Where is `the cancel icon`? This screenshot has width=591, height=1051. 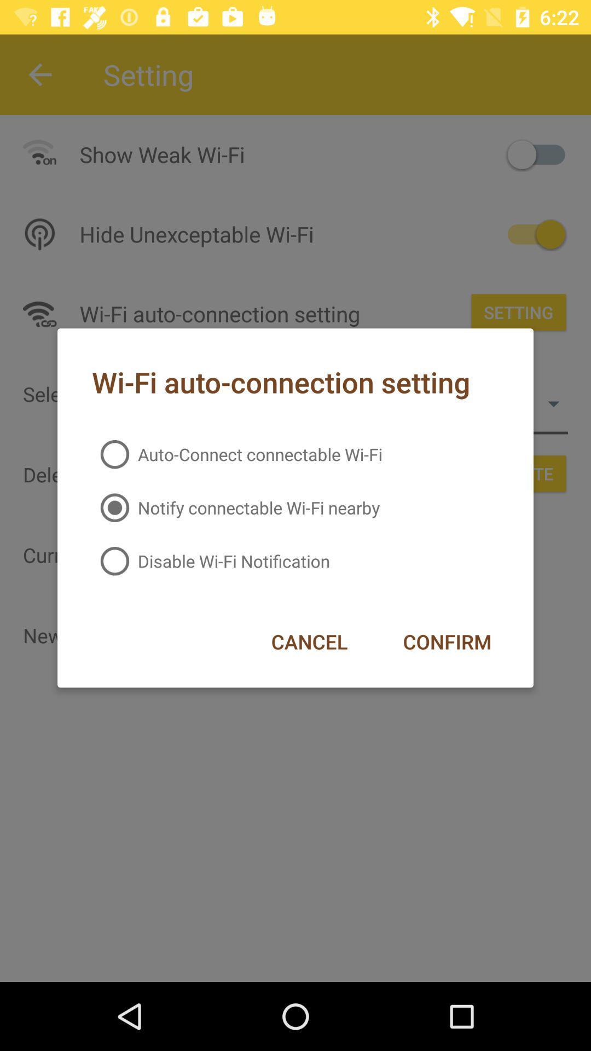
the cancel icon is located at coordinates (309, 642).